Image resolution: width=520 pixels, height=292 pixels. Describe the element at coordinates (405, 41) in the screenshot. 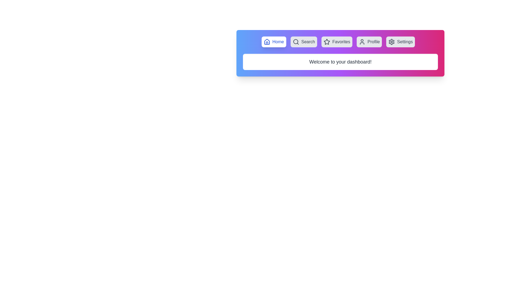

I see `the 'Settings' text label in the navigation bar` at that location.